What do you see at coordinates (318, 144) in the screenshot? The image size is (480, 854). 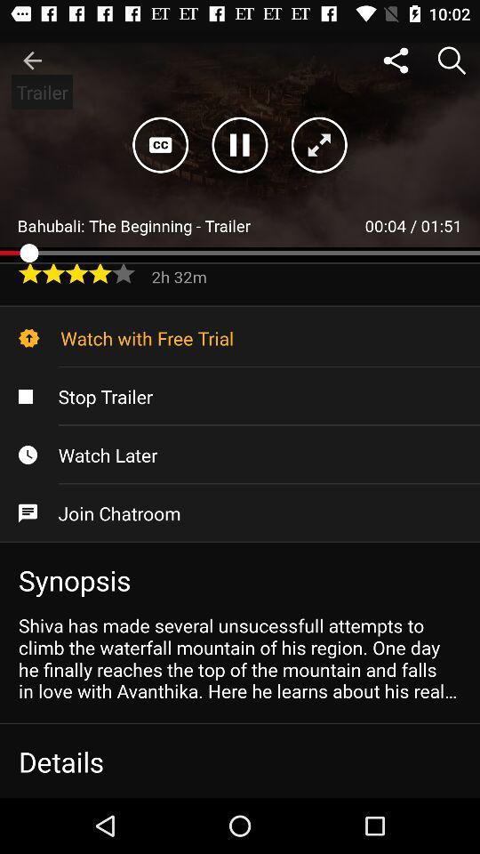 I see `the fullscreen icon` at bounding box center [318, 144].